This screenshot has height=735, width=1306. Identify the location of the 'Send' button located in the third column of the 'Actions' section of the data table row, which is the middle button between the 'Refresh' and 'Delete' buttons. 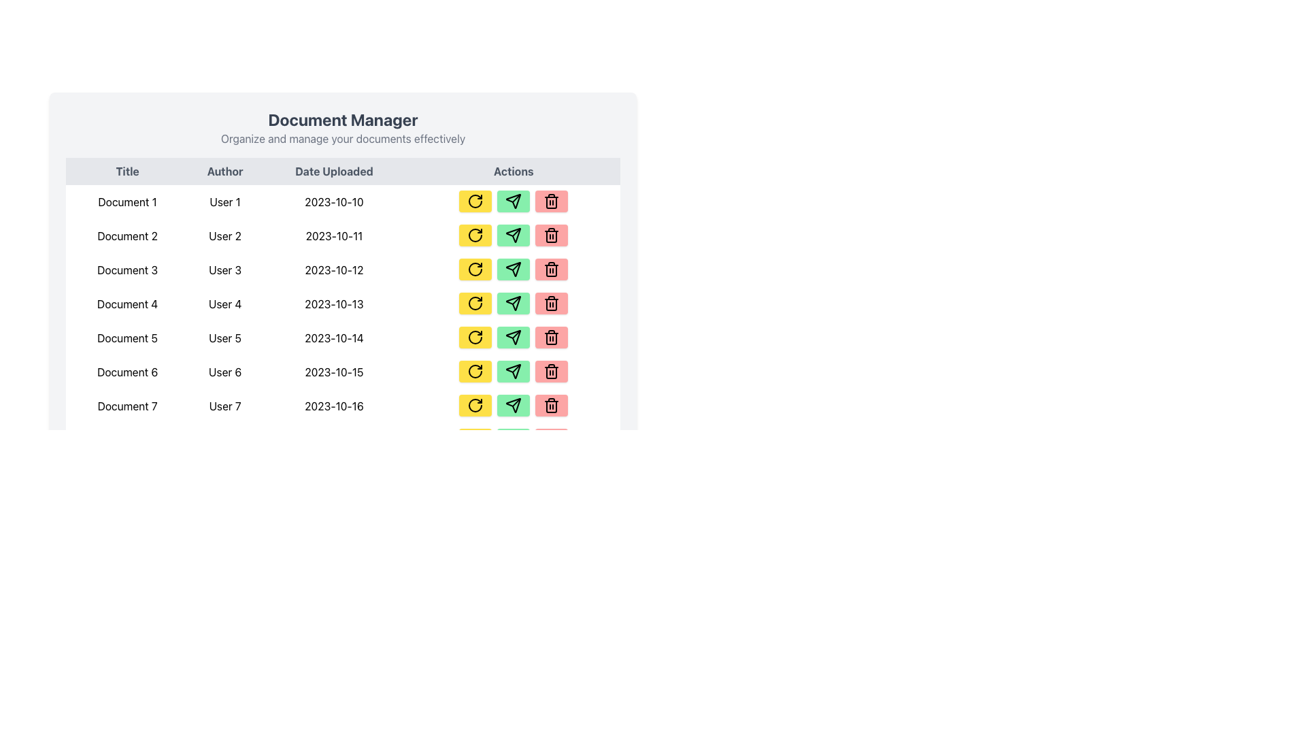
(513, 575).